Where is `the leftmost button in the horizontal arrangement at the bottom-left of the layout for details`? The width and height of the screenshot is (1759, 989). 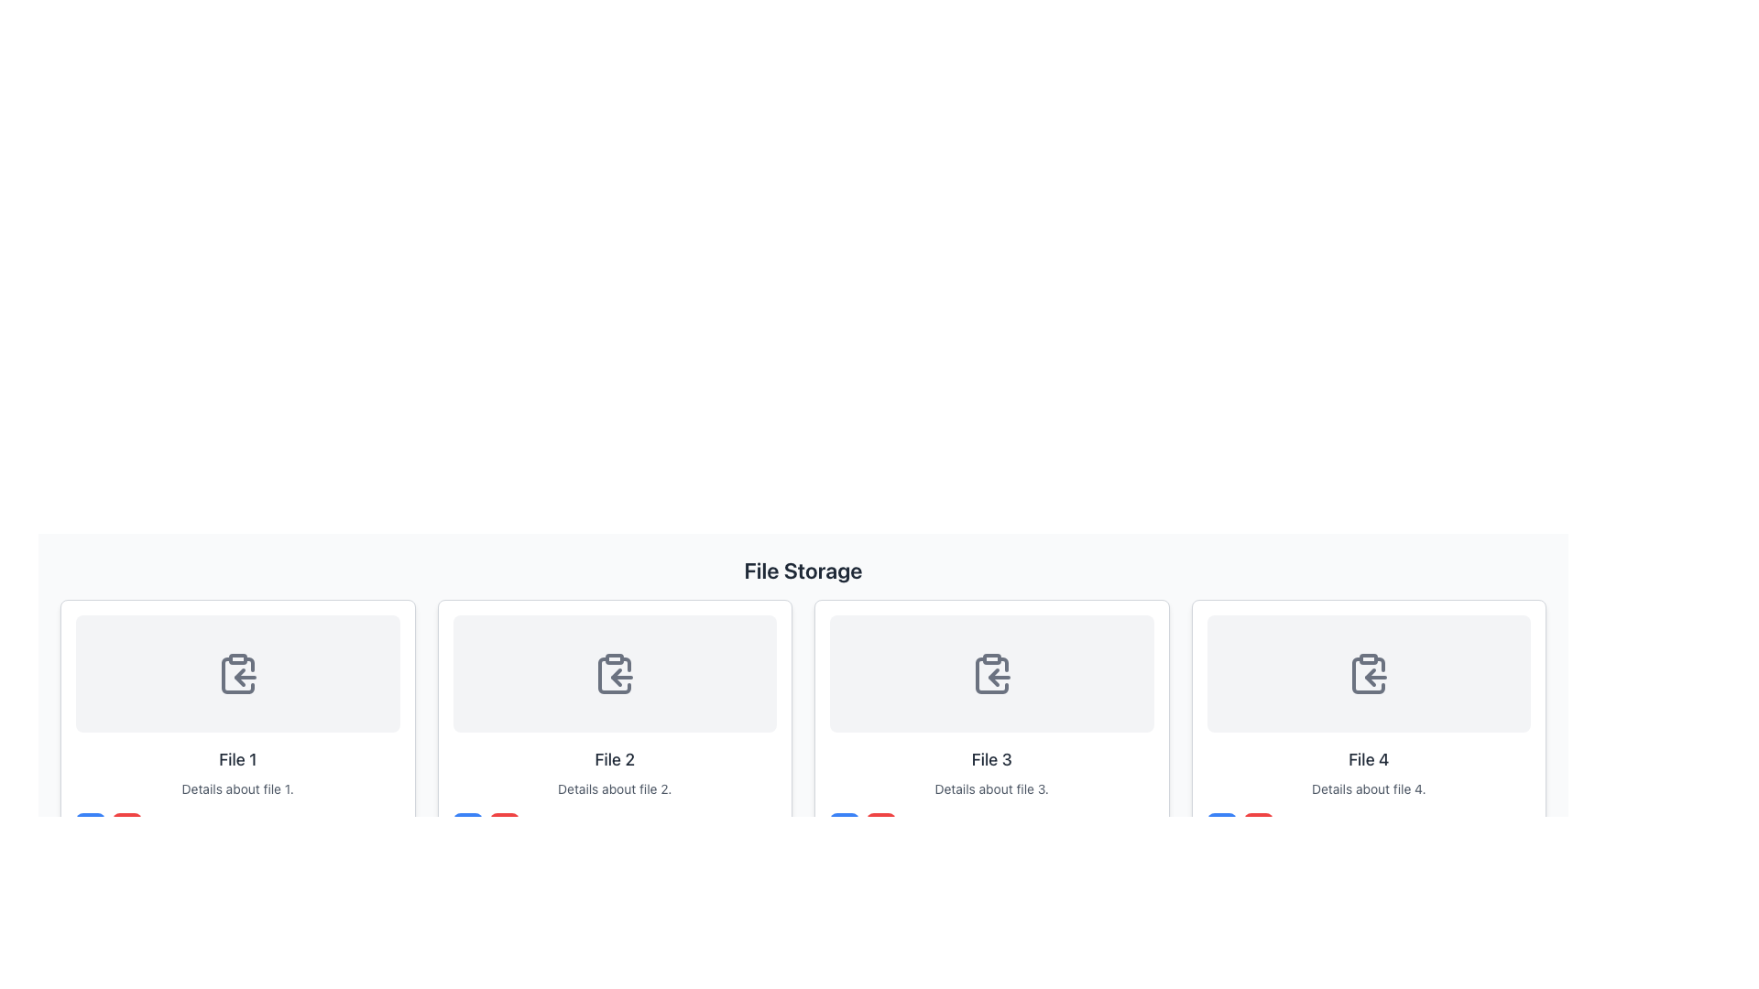
the leftmost button in the horizontal arrangement at the bottom-left of the layout for details is located at coordinates (90, 827).